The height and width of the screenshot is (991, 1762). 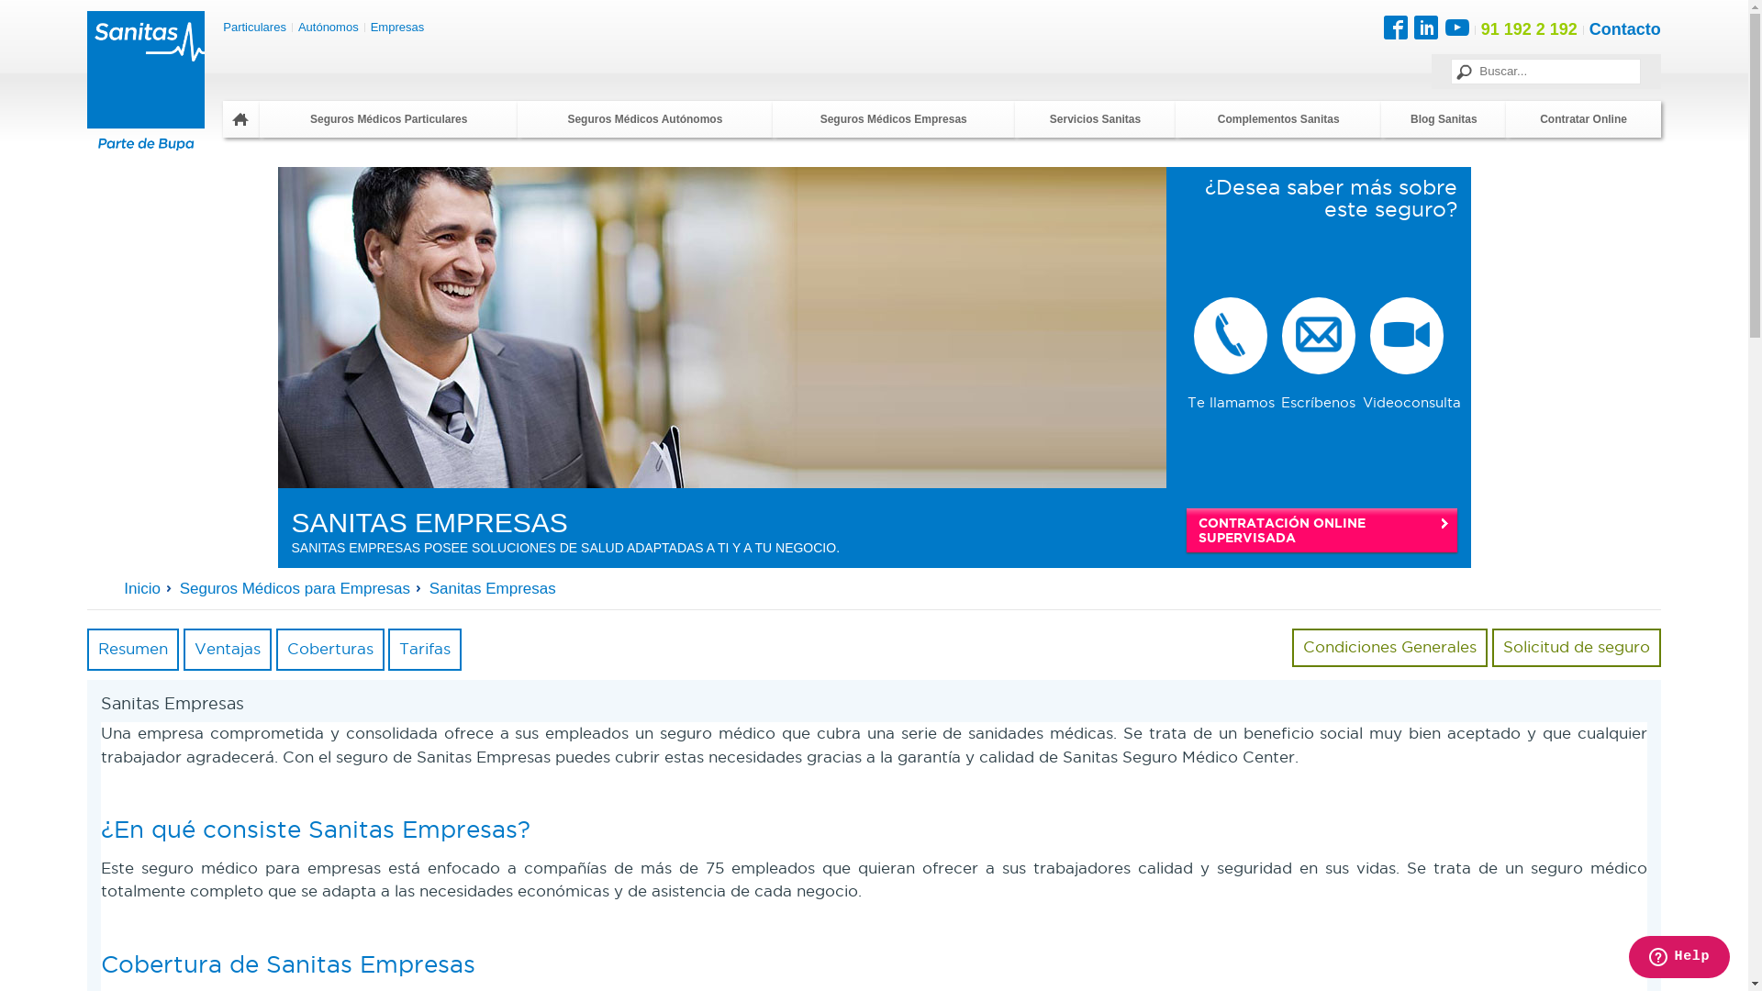 What do you see at coordinates (144, 80) in the screenshot?
I see `'Sanitas'` at bounding box center [144, 80].